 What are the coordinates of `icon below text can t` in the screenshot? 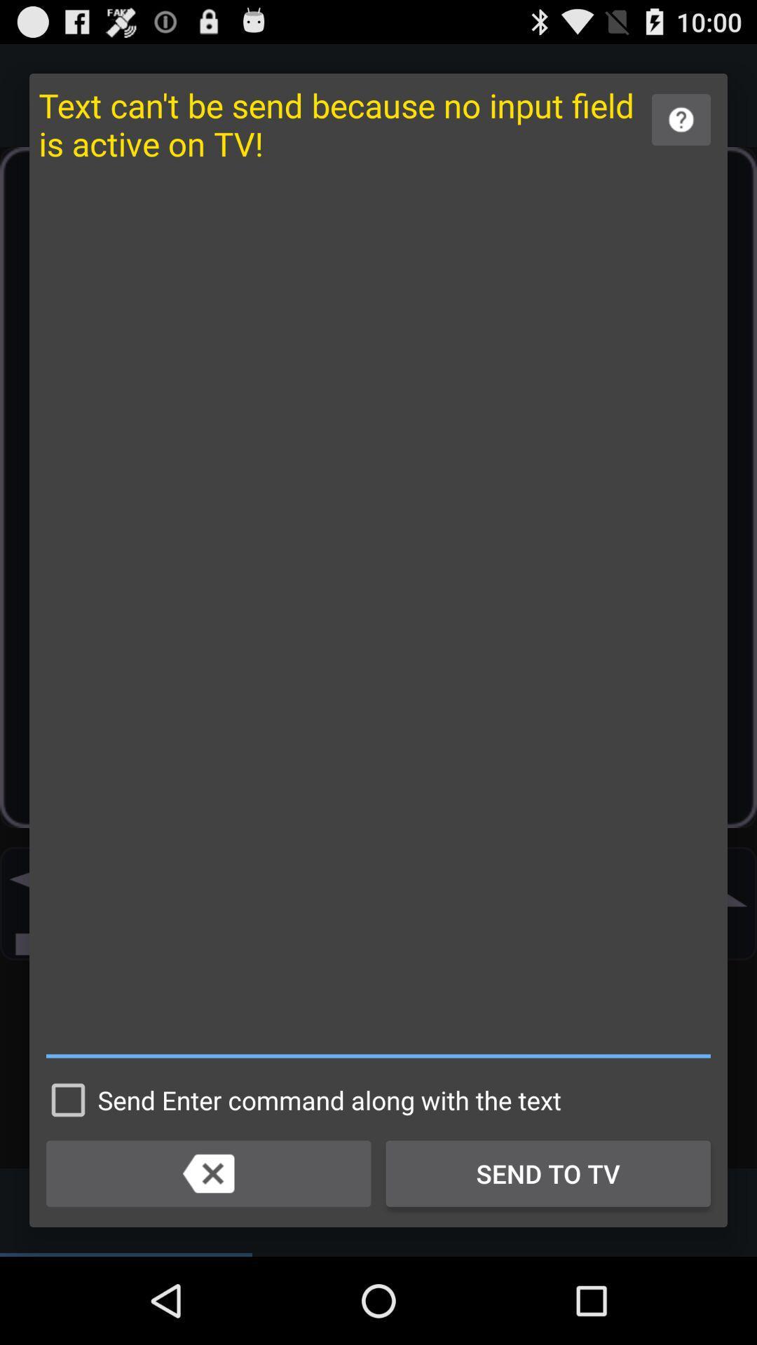 It's located at (378, 617).